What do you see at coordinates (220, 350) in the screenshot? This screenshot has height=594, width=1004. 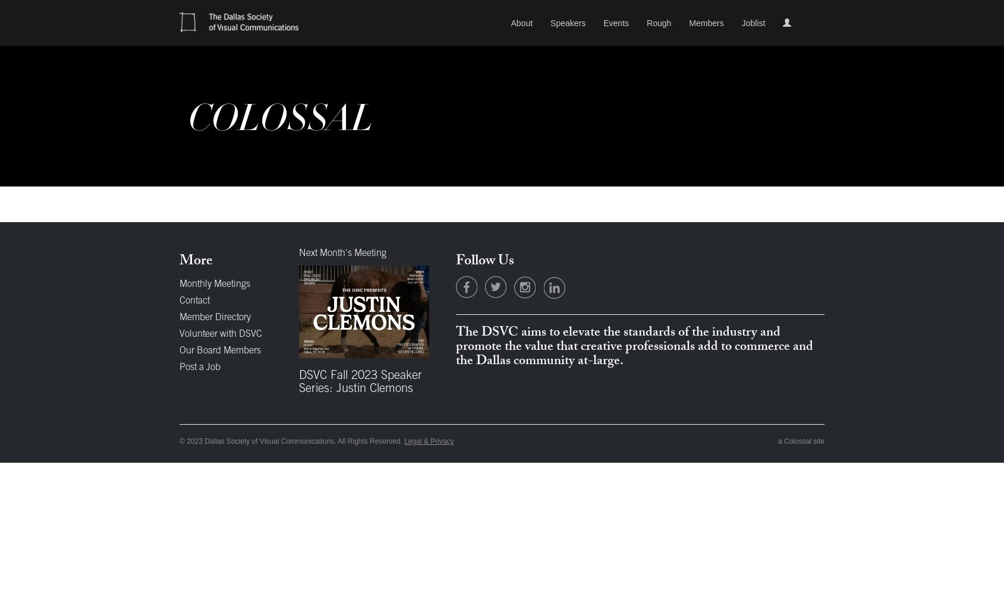 I see `'Our Board Members'` at bounding box center [220, 350].